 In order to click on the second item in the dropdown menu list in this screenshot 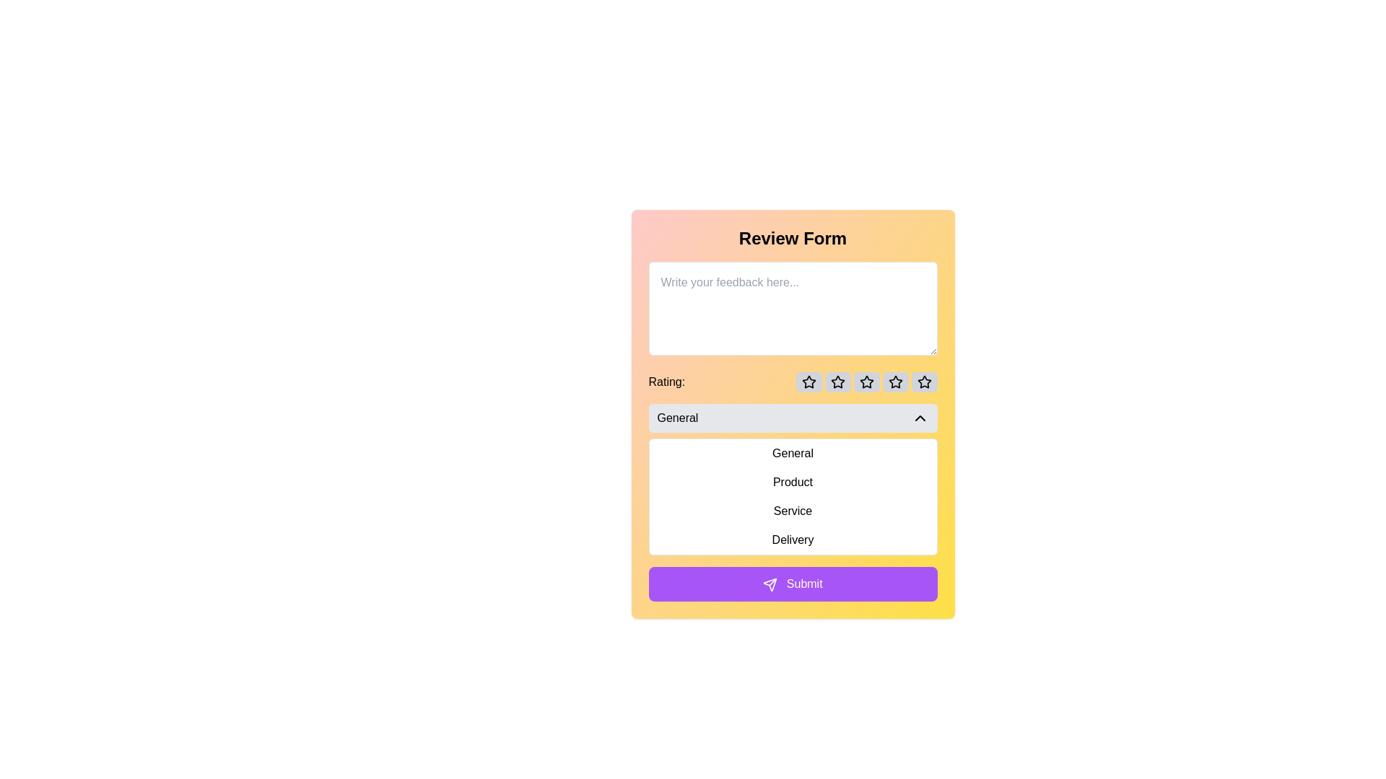, I will do `click(792, 479)`.